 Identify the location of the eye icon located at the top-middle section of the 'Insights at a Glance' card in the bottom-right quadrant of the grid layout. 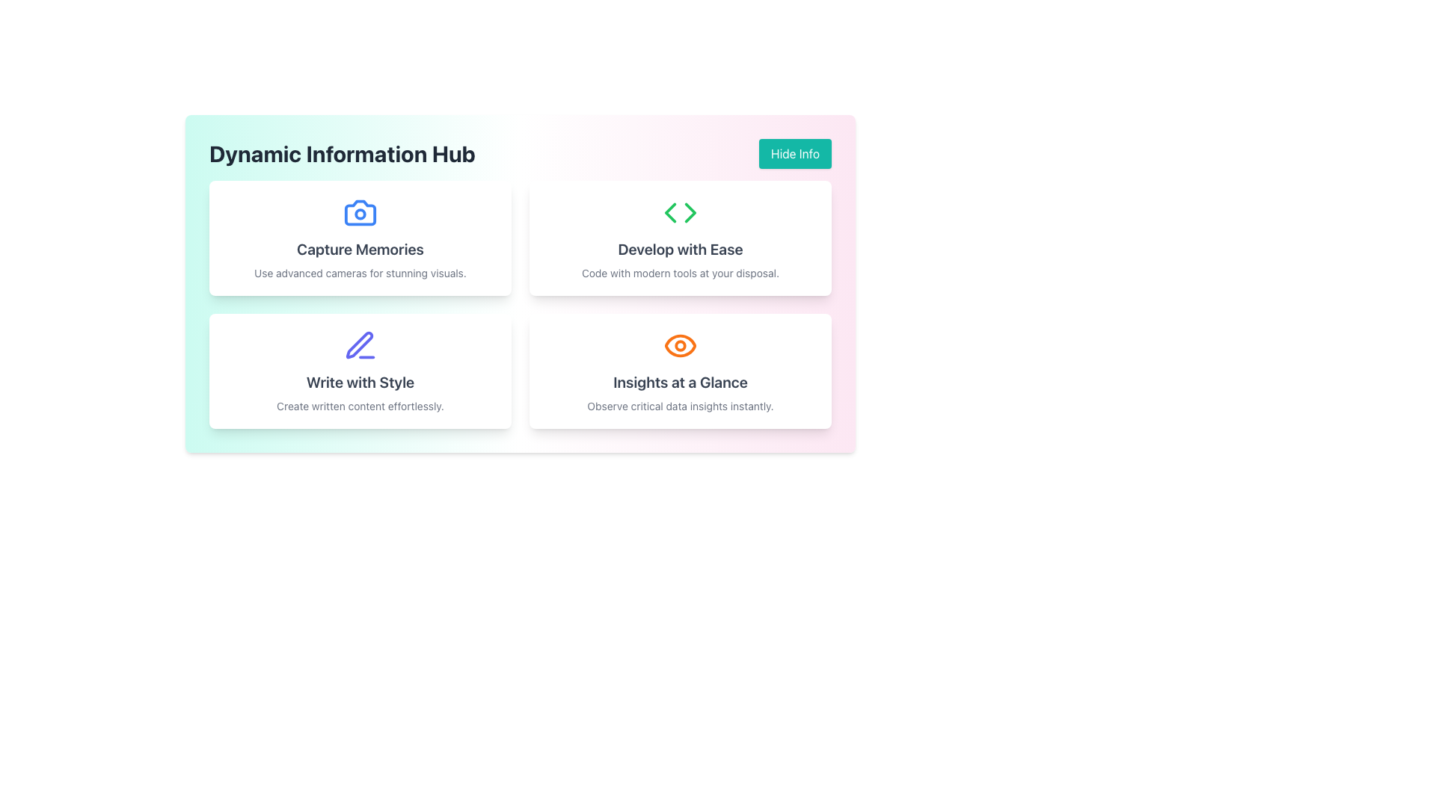
(680, 345).